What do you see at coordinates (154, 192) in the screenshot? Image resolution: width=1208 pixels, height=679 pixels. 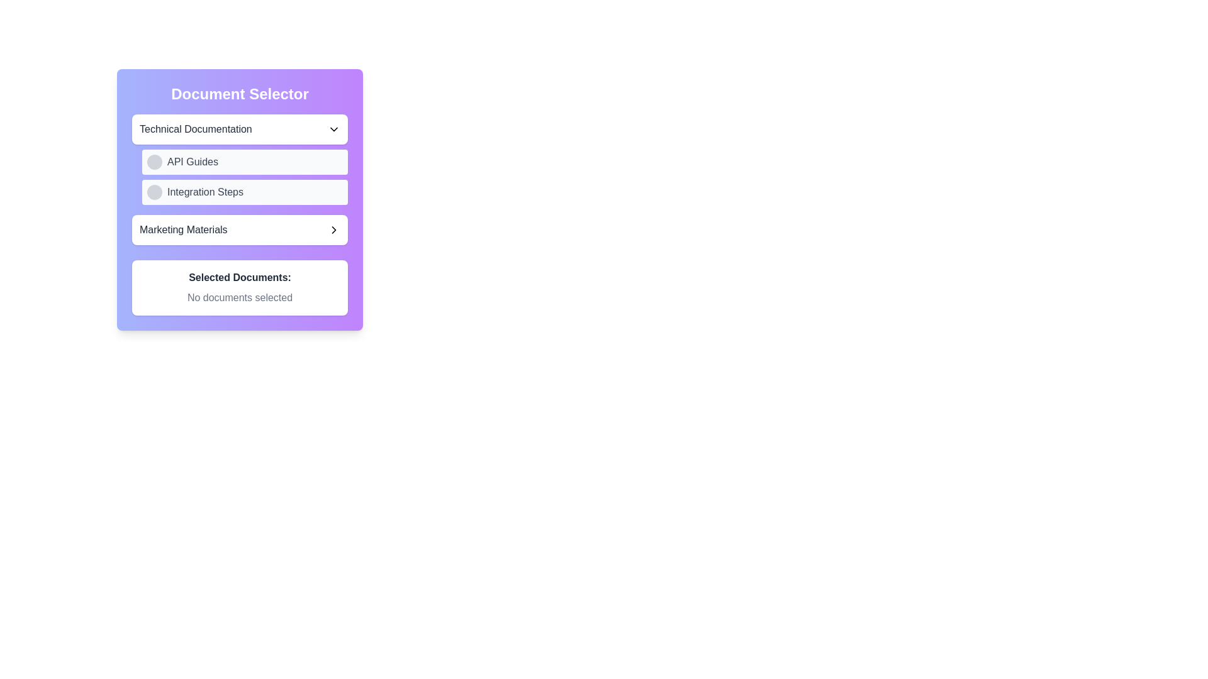 I see `the circular gray button located to the left of the 'Integration Steps' text to observe the light hover effect transitioning to a darker shade` at bounding box center [154, 192].